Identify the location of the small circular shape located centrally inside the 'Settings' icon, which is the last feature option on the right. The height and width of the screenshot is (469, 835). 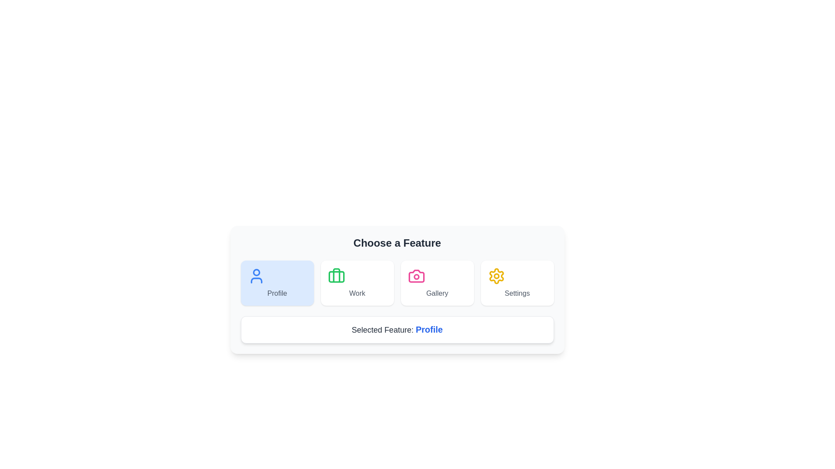
(496, 276).